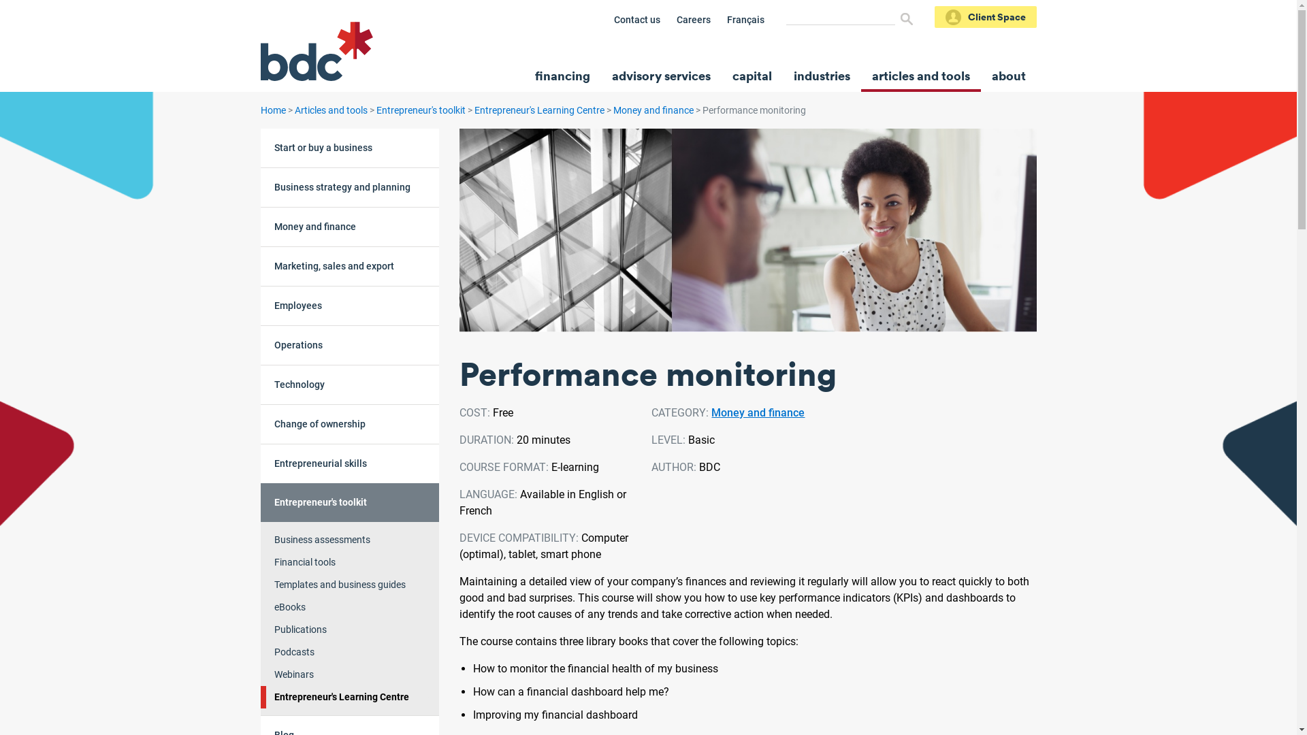 The height and width of the screenshot is (735, 1307). Describe the element at coordinates (349, 423) in the screenshot. I see `'Change of ownership'` at that location.